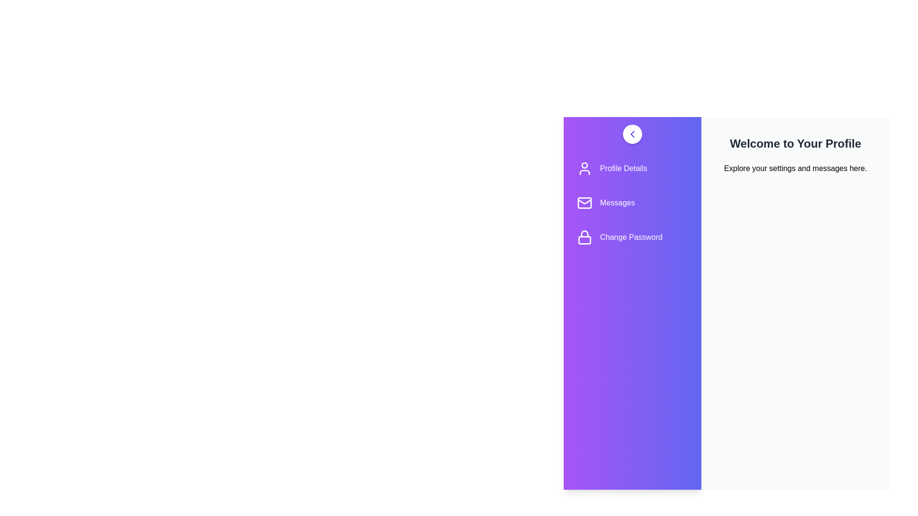 The width and height of the screenshot is (918, 516). Describe the element at coordinates (633, 202) in the screenshot. I see `the menu item corresponding to Messages` at that location.